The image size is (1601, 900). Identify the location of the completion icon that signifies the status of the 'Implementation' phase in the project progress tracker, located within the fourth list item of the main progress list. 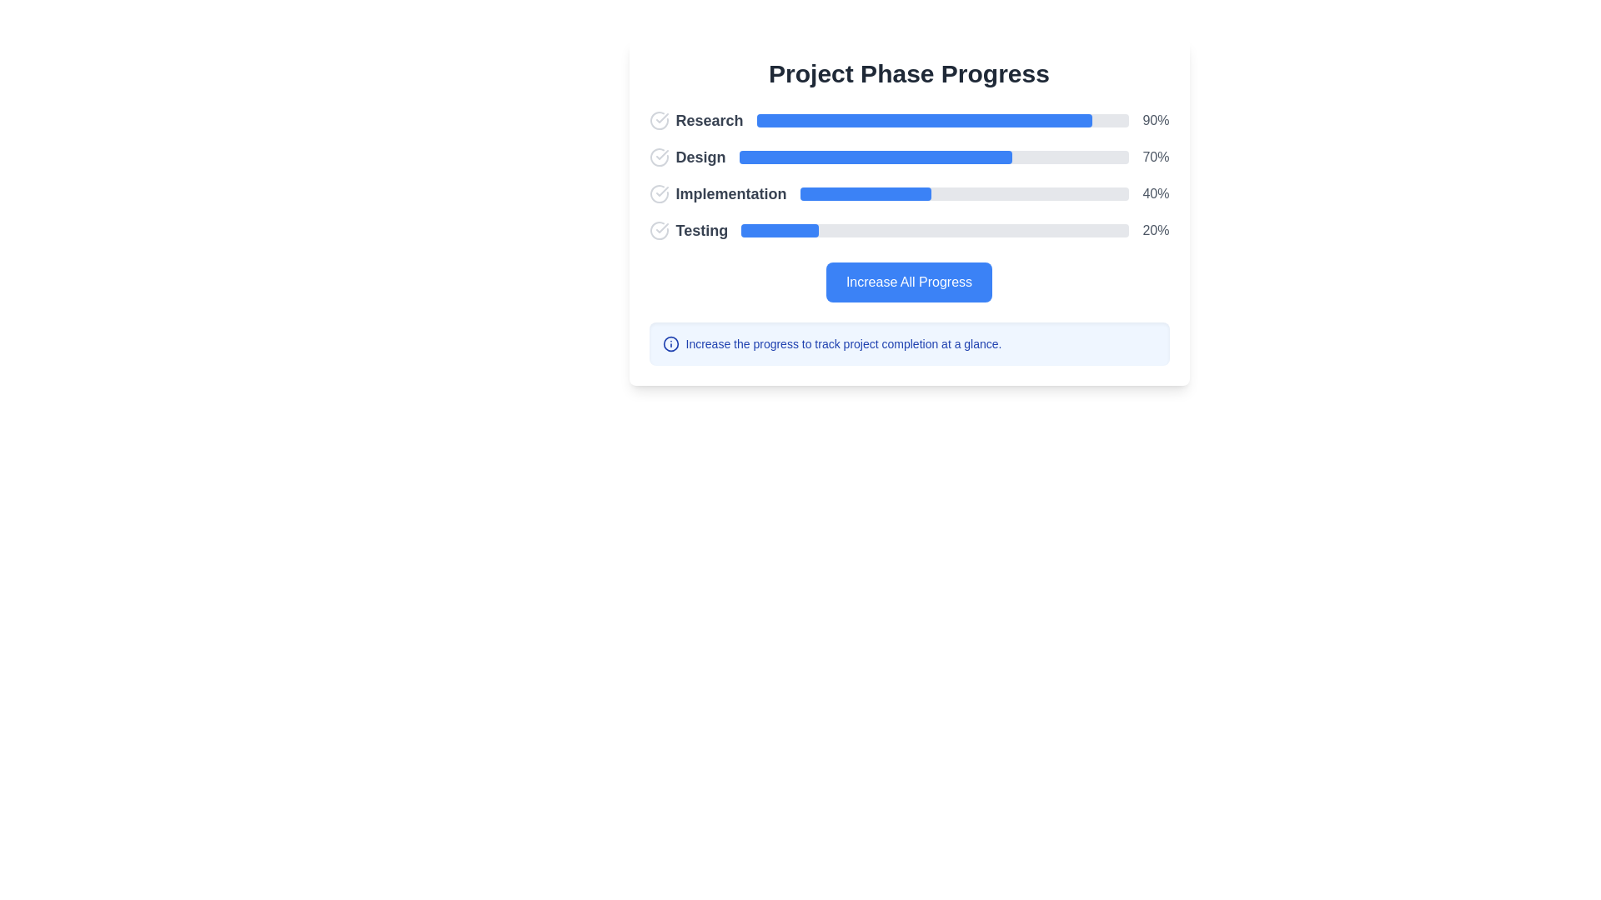
(660, 191).